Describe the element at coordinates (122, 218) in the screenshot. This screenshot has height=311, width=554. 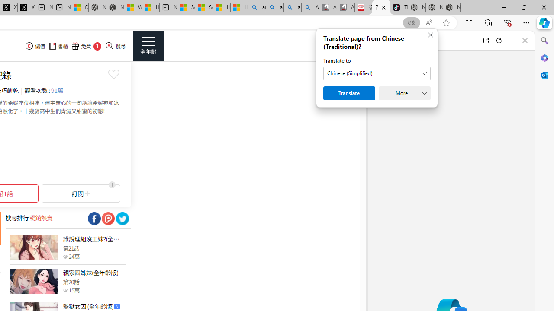
I see `'Class: socialShare'` at that location.